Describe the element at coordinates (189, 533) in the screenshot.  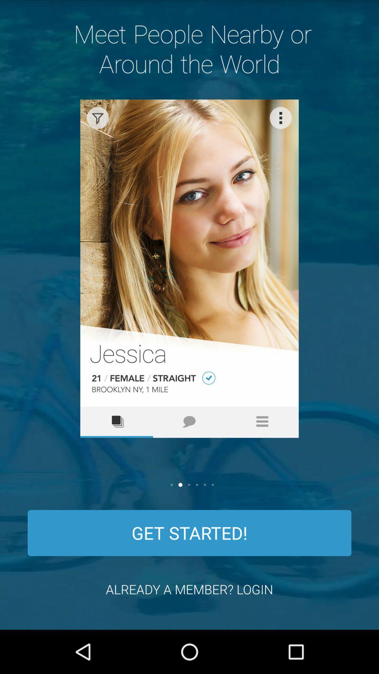
I see `the get started! item` at that location.